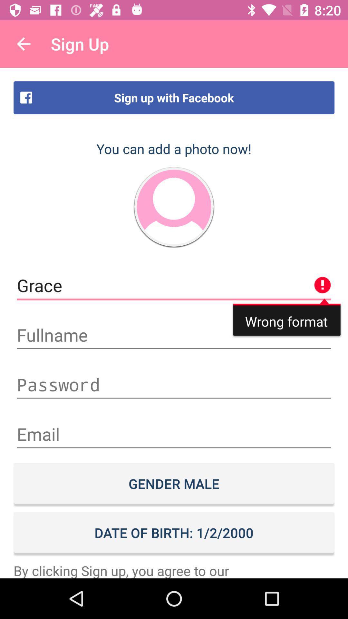 The height and width of the screenshot is (619, 348). Describe the element at coordinates (174, 385) in the screenshot. I see `password` at that location.